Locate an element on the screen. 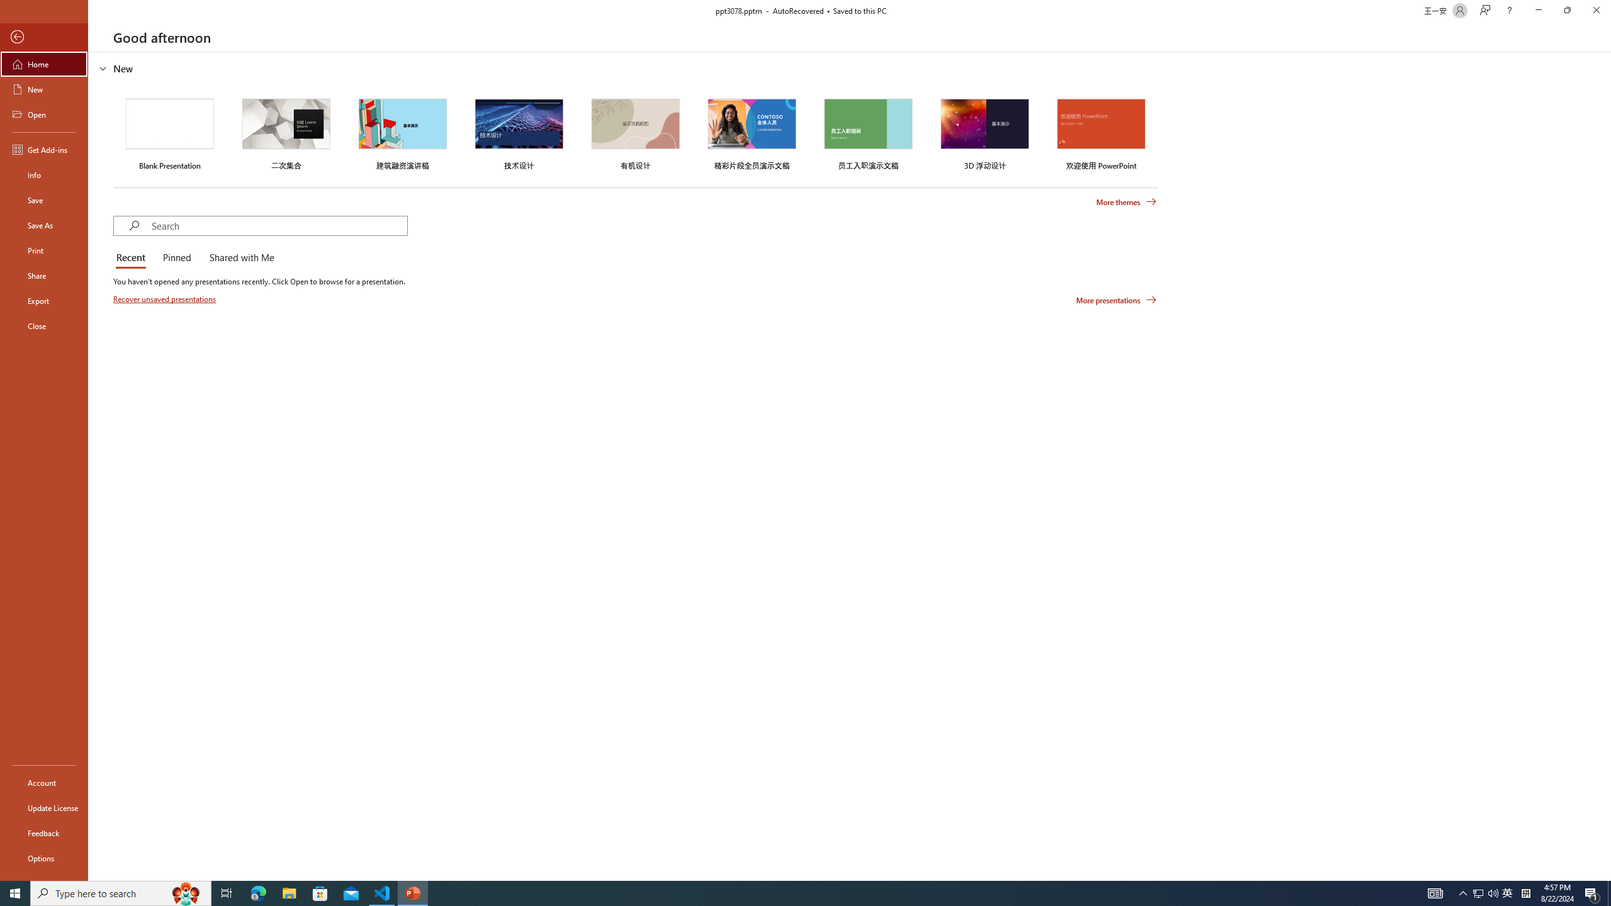 The width and height of the screenshot is (1611, 906). 'More themes' is located at coordinates (1126, 202).